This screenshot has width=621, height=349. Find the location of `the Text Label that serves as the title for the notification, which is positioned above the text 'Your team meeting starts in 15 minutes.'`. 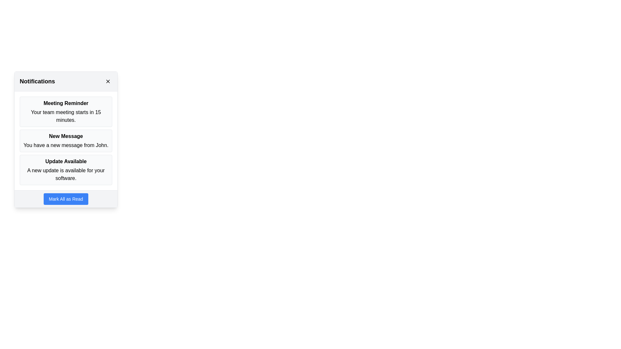

the Text Label that serves as the title for the notification, which is positioned above the text 'Your team meeting starts in 15 minutes.' is located at coordinates (66, 103).